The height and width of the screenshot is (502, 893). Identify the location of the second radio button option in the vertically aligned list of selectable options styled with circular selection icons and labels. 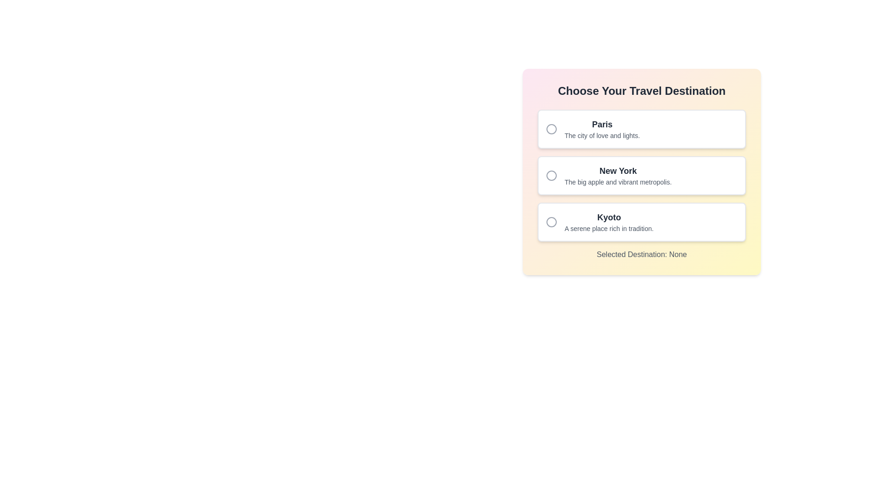
(641, 185).